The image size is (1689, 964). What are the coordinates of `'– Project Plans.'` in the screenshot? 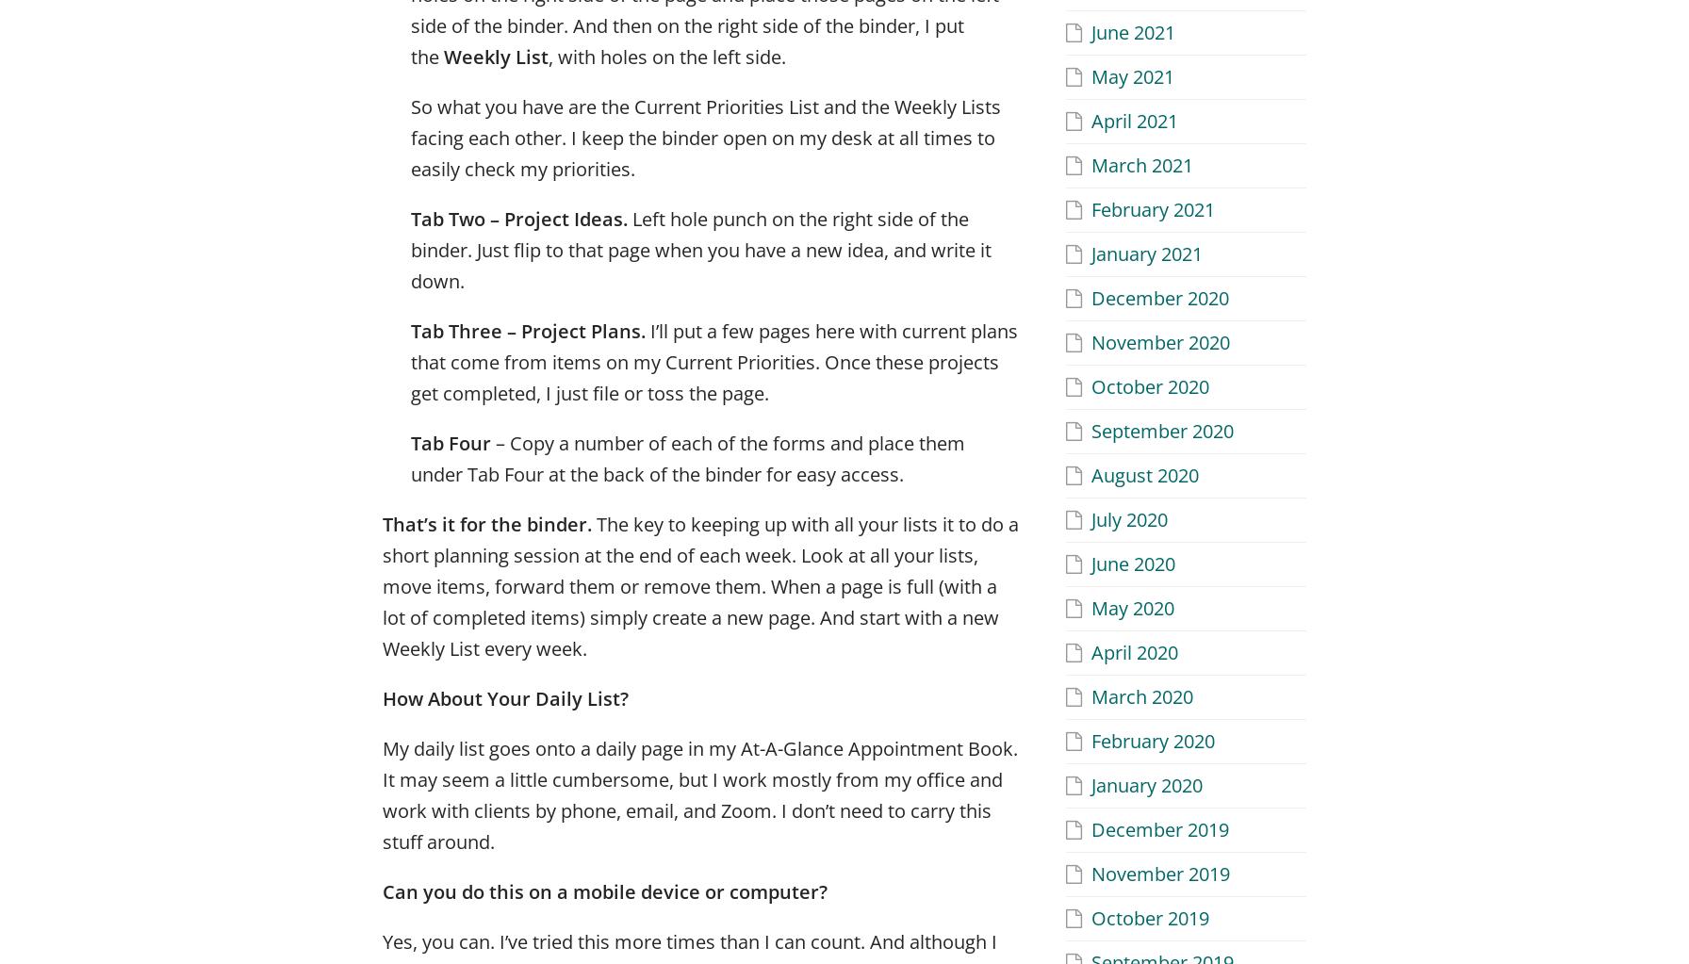 It's located at (506, 330).